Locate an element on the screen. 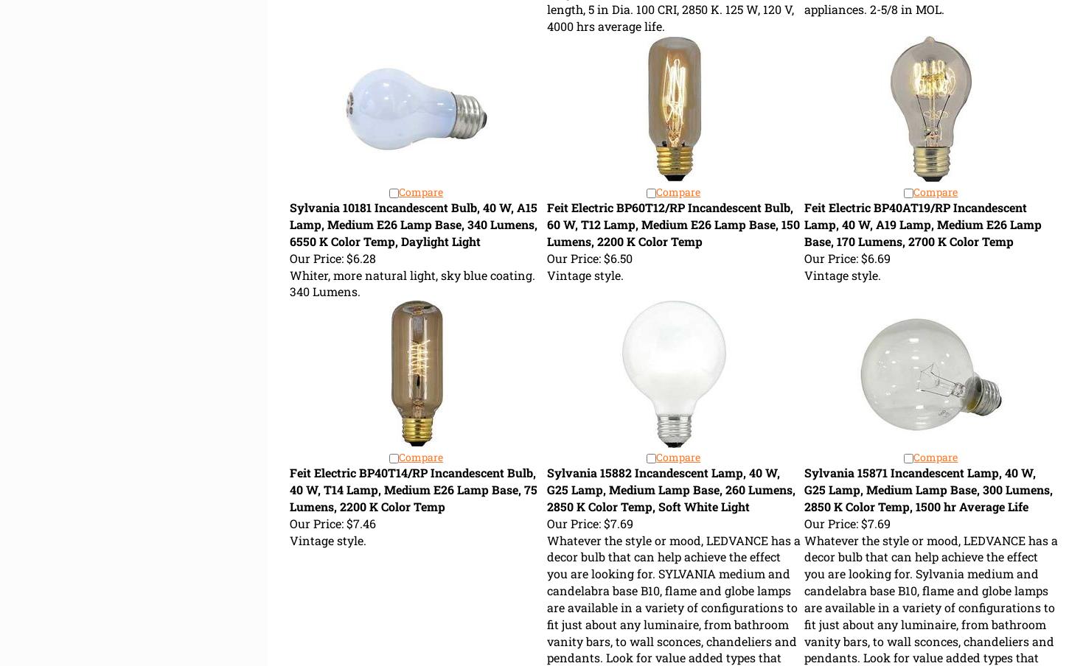 Image resolution: width=1069 pixels, height=666 pixels. 'Sylvania 15871 Incandescent Lamp, 40 W, G25 Lamp, Medium Lamp Base, 300 Lumens, 2850 K Color Temp, 1500 hr Average Life' is located at coordinates (927, 488).